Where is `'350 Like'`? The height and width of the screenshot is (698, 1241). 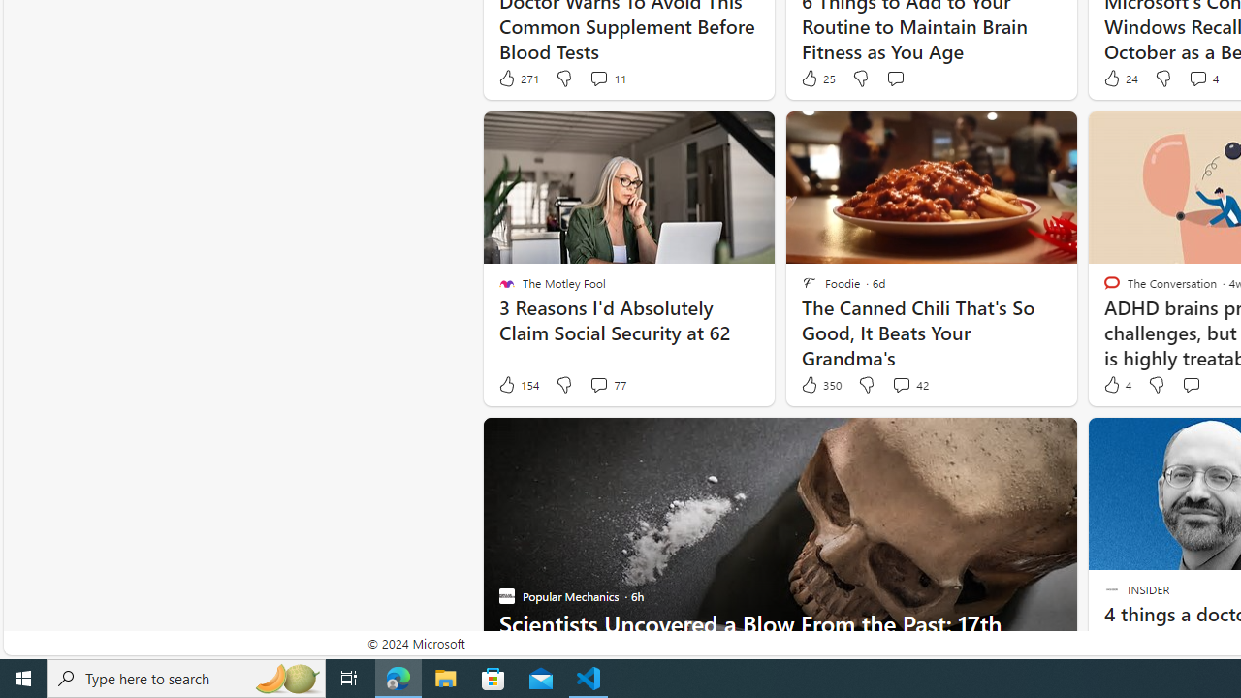 '350 Like' is located at coordinates (820, 385).